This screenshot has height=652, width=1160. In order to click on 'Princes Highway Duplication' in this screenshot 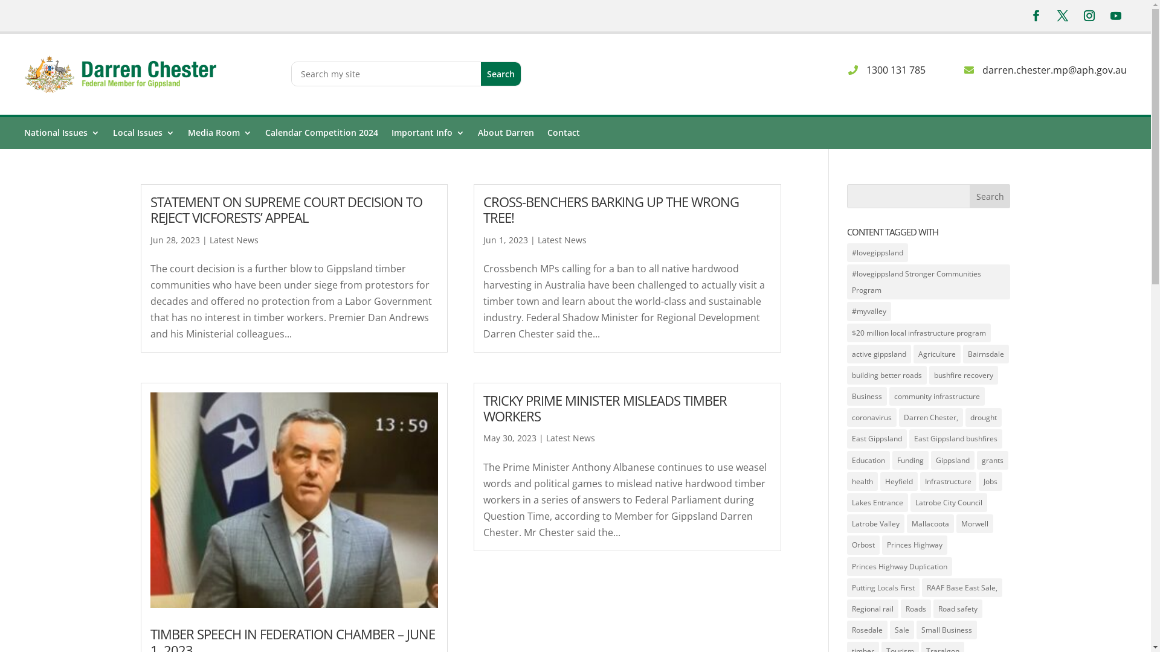, I will do `click(846, 566)`.